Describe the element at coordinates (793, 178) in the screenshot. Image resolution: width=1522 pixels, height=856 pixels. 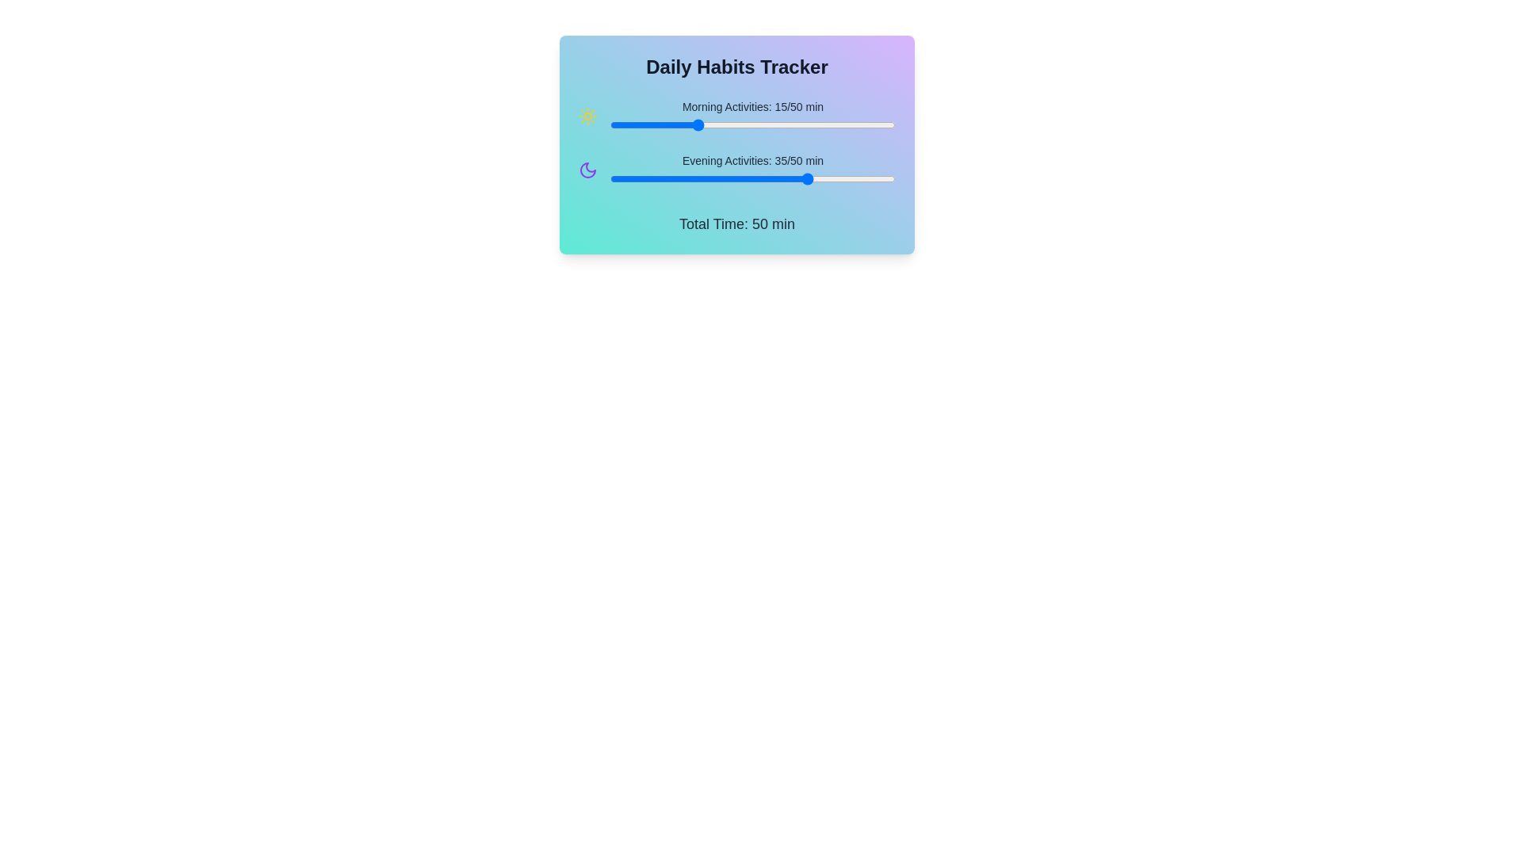
I see `the evening activity time` at that location.